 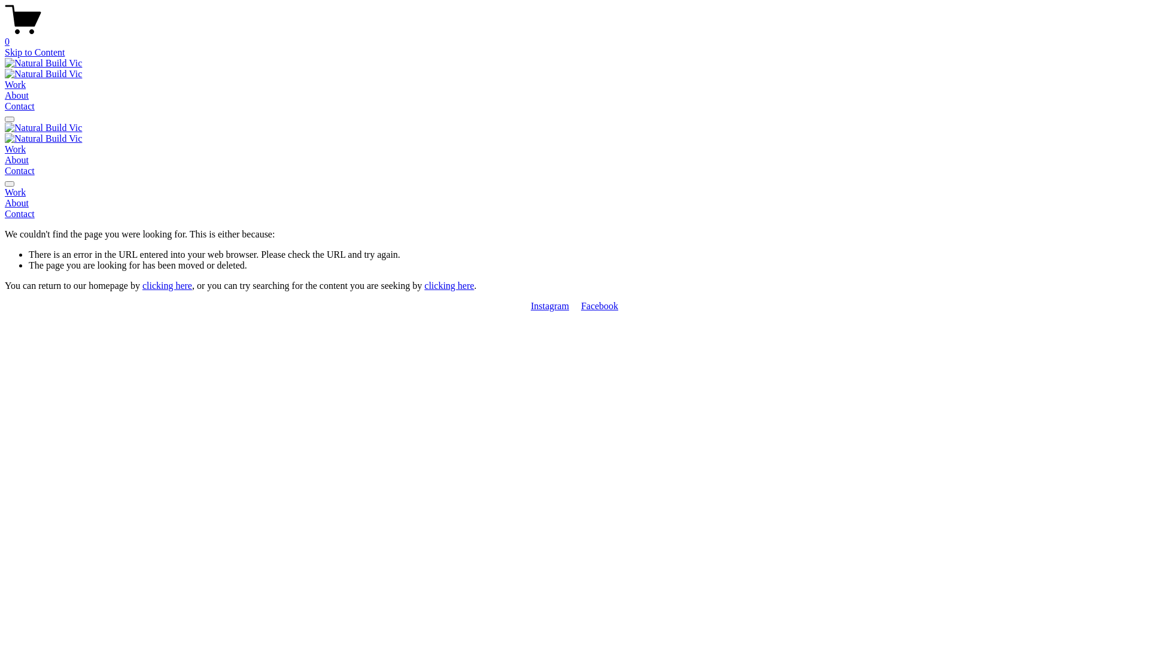 What do you see at coordinates (600, 305) in the screenshot?
I see `'Facebook'` at bounding box center [600, 305].